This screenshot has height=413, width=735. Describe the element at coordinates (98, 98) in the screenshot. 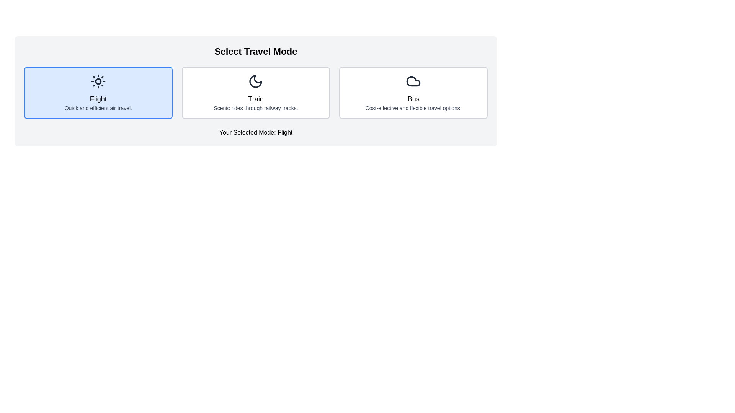

I see `title text for air travel located in the blue shaded card containing 'Quick and efficient air travel.' This text is centered within the card, above the description text` at that location.